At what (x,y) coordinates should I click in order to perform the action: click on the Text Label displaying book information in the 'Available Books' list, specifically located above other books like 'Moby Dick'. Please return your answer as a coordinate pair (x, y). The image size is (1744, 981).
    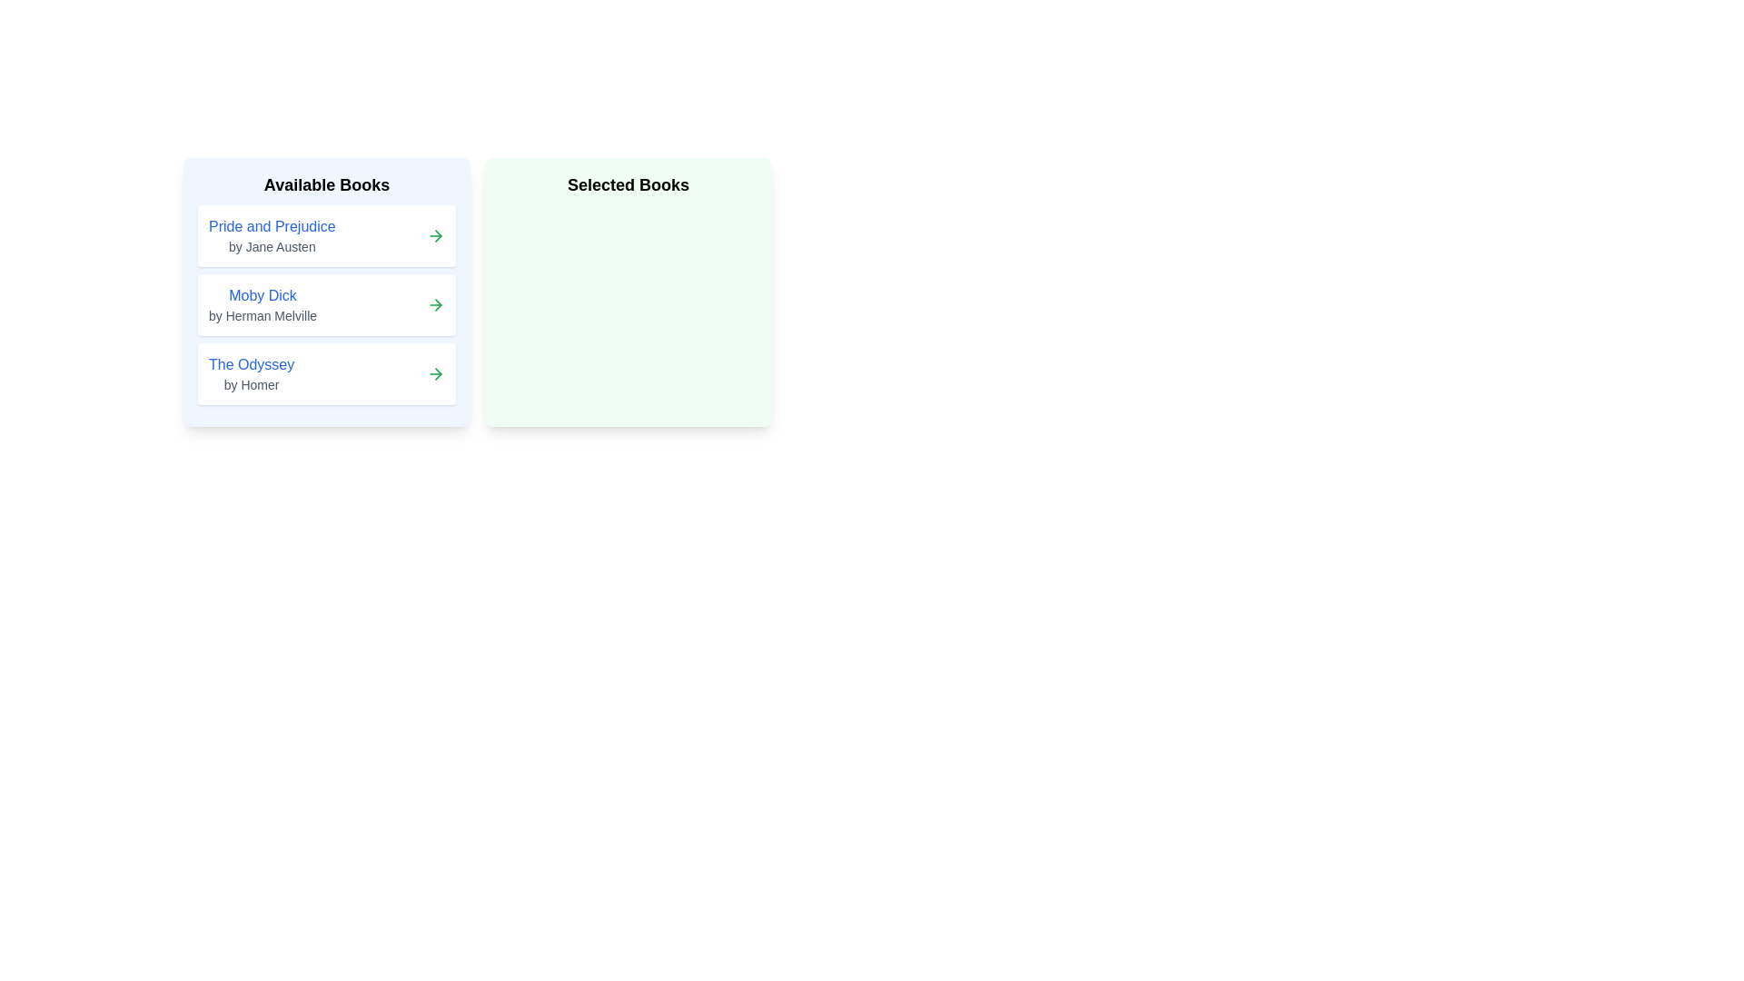
    Looking at the image, I should click on (271, 234).